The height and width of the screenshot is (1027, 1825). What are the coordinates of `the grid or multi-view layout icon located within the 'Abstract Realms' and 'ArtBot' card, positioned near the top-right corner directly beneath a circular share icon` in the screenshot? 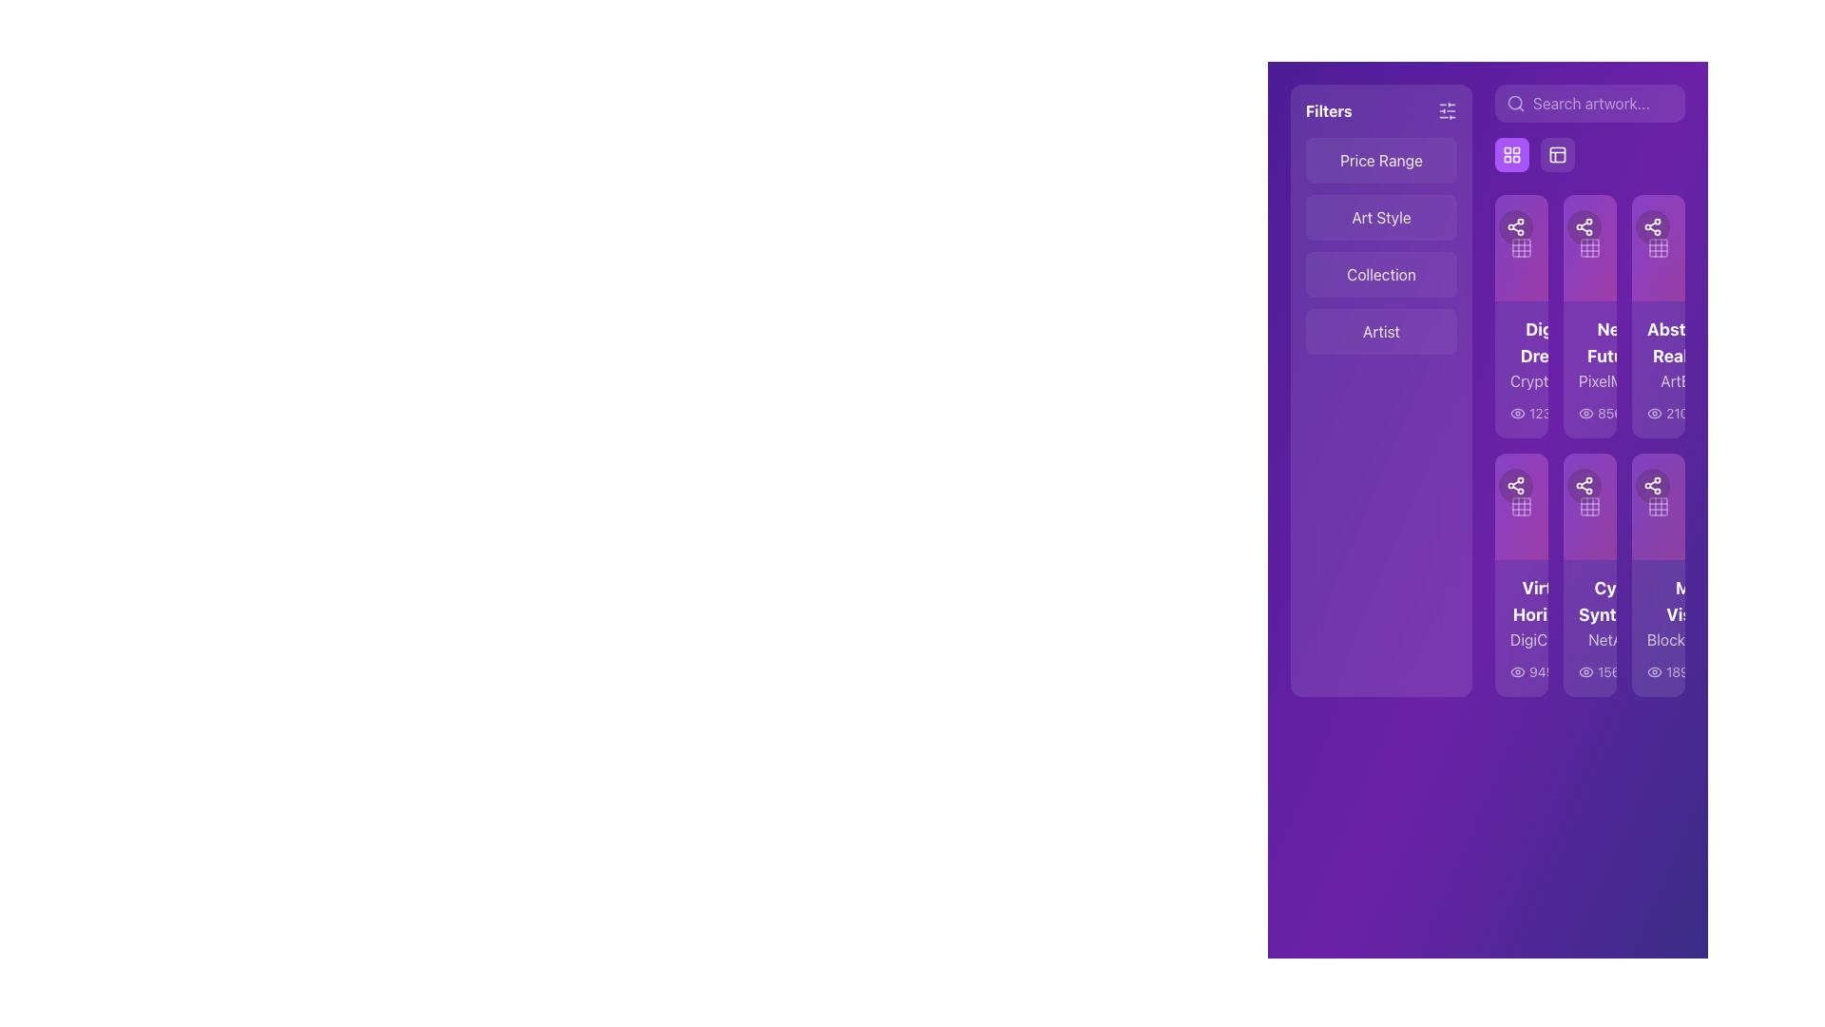 It's located at (1658, 247).